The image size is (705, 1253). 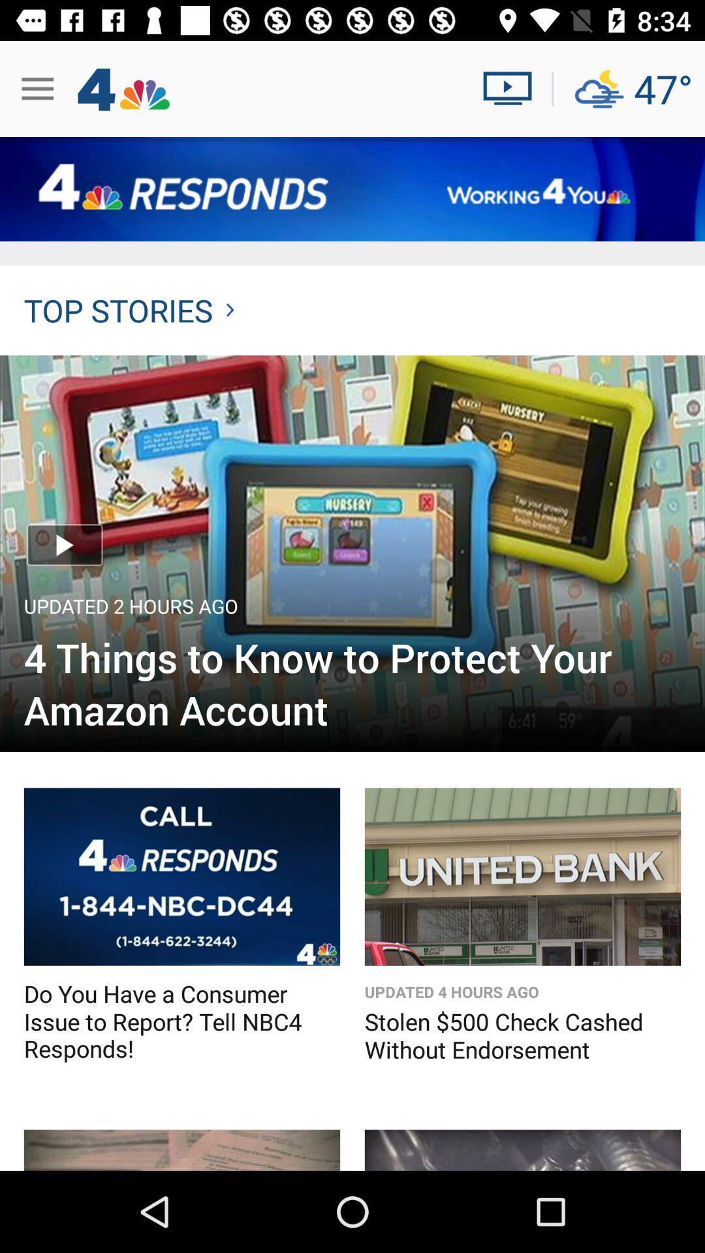 I want to click on icon left to weather icon at top right, so click(x=512, y=87).